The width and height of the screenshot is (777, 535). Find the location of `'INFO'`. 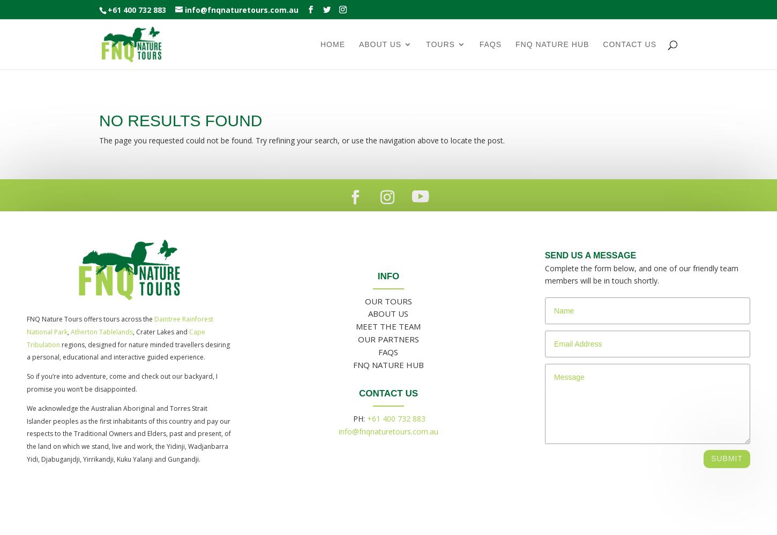

'INFO' is located at coordinates (376, 276).